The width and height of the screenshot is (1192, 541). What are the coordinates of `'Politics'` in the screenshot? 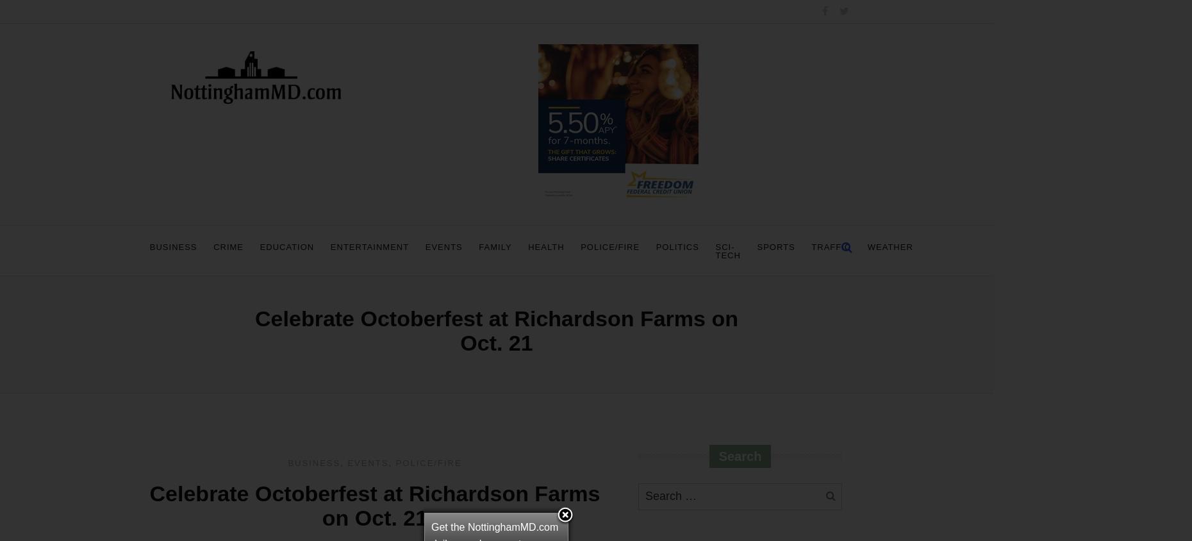 It's located at (677, 246).